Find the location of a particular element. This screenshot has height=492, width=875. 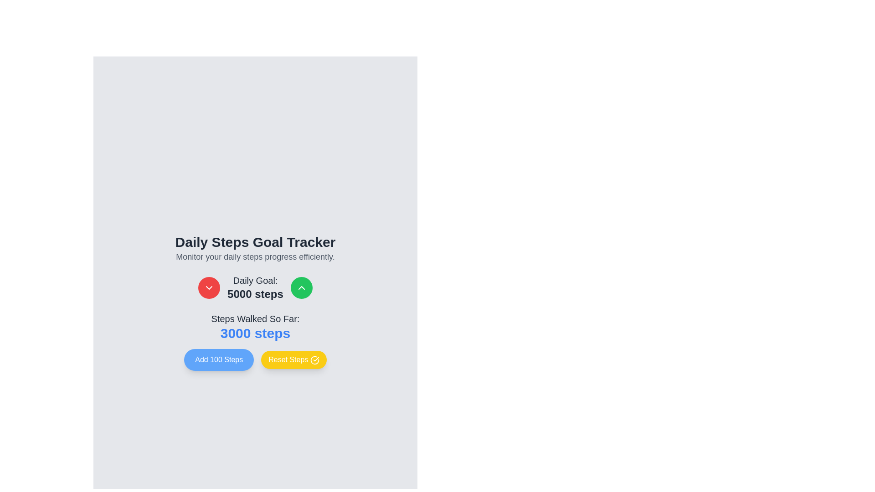

the circular red button with a white downward arrow to decrease the goal for 'Daily Goal: 5000 steps' is located at coordinates (209, 288).